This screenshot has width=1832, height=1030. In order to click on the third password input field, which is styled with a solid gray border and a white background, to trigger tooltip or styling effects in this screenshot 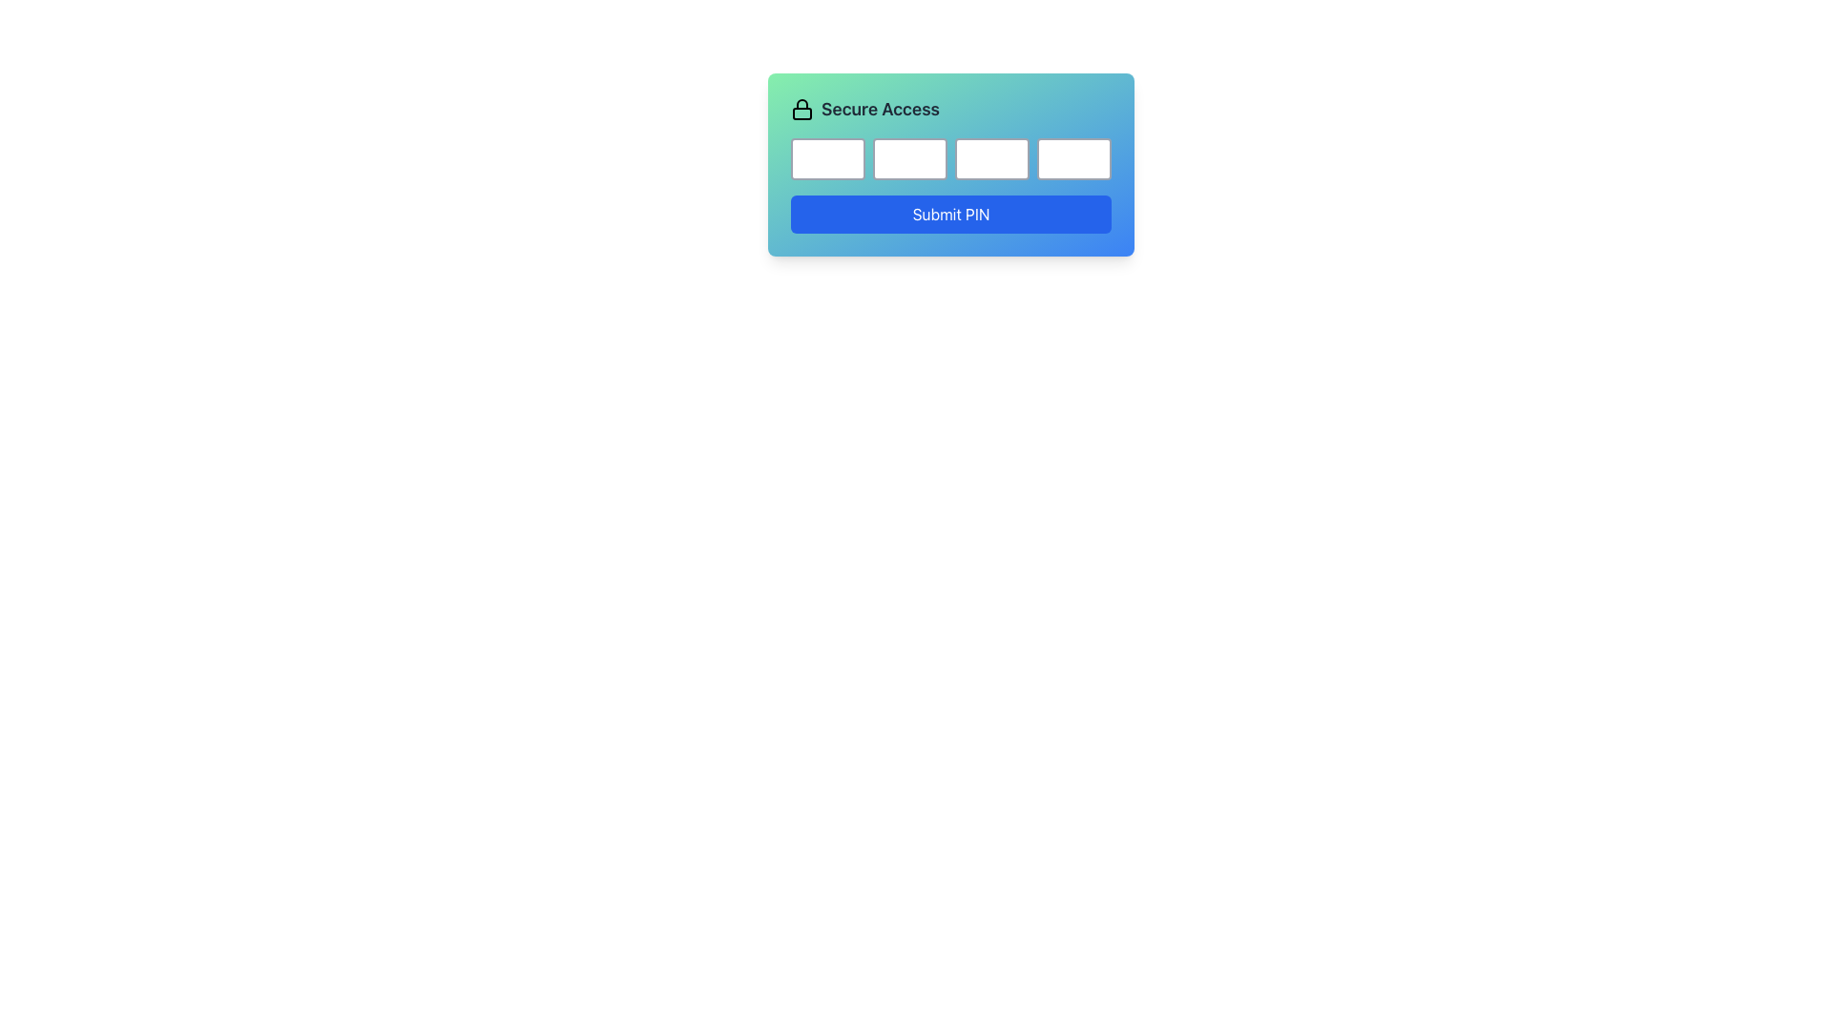, I will do `click(992, 157)`.